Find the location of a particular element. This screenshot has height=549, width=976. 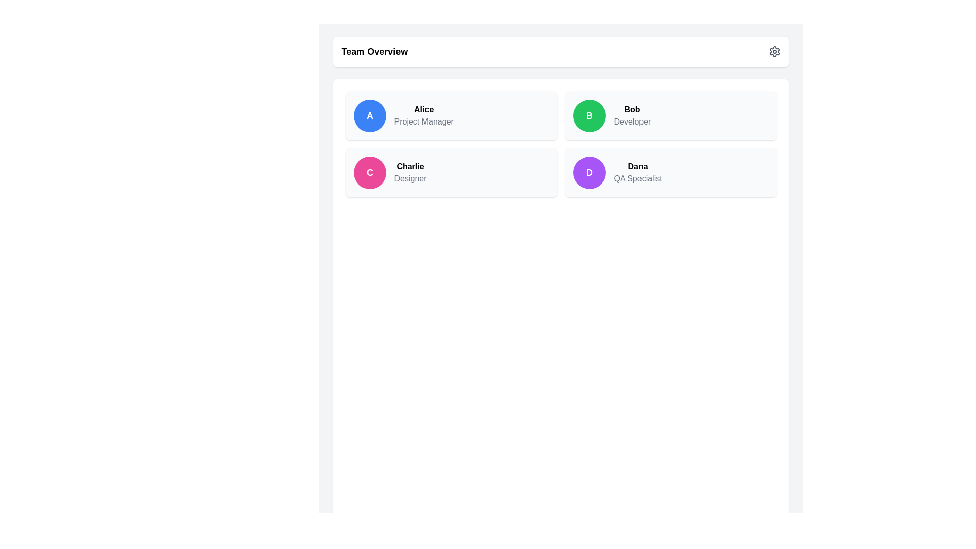

the settings icon located in the top-right corner of the main interface is located at coordinates (774, 51).